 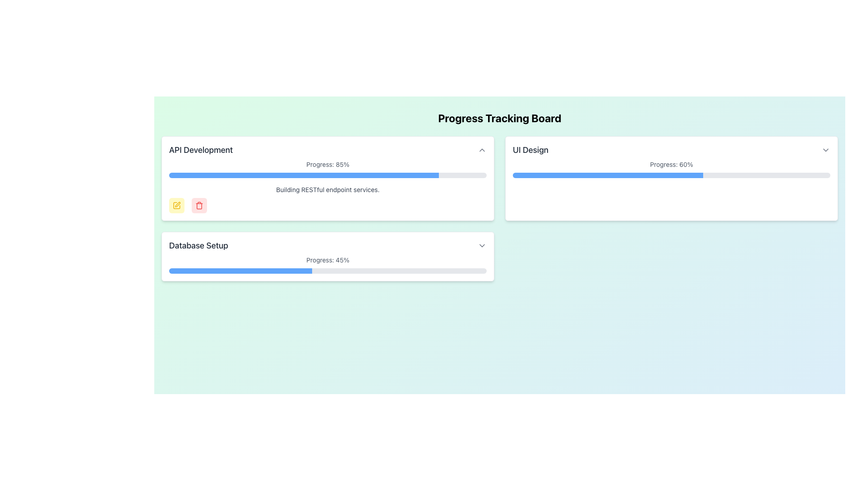 I want to click on displayed progress value (60%) of the 'UI Design' task, which is located at the center of the 'UI Design' card, below the title and above the progress bar, so click(x=671, y=165).